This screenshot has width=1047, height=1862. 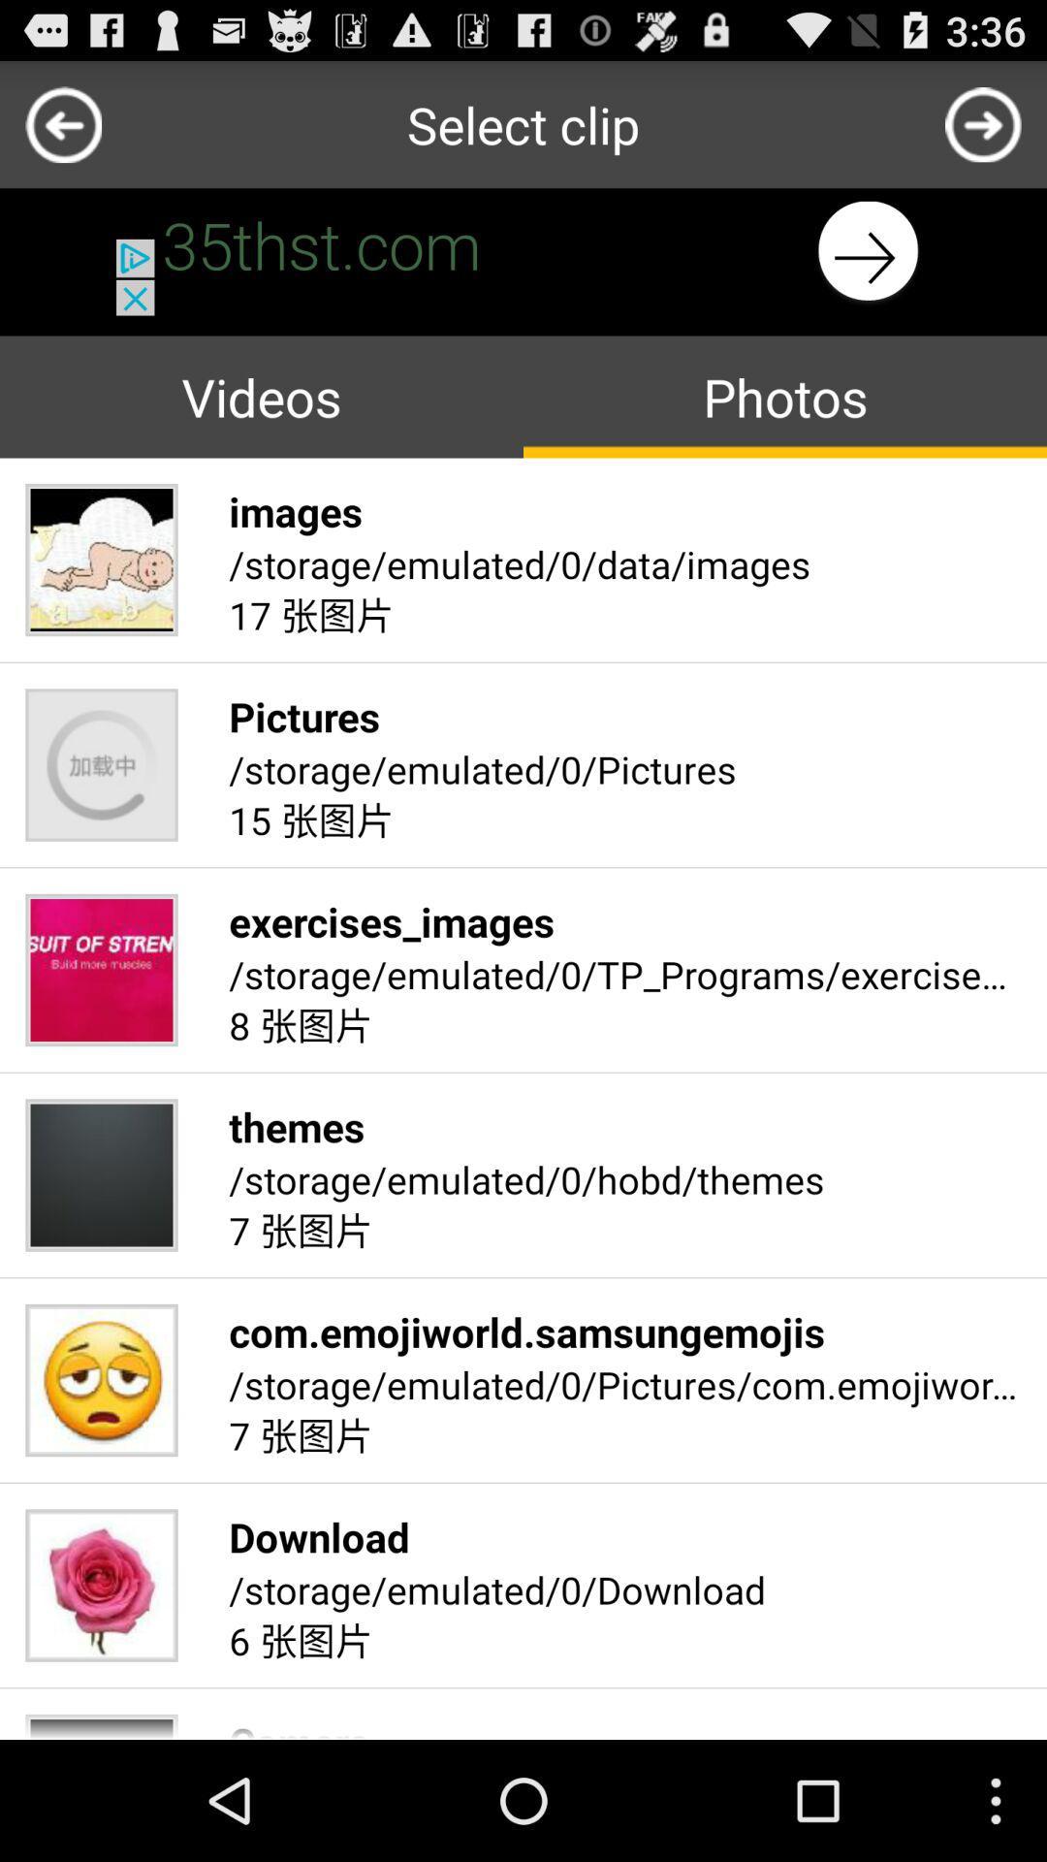 What do you see at coordinates (983, 132) in the screenshot?
I see `the arrow_forward icon` at bounding box center [983, 132].